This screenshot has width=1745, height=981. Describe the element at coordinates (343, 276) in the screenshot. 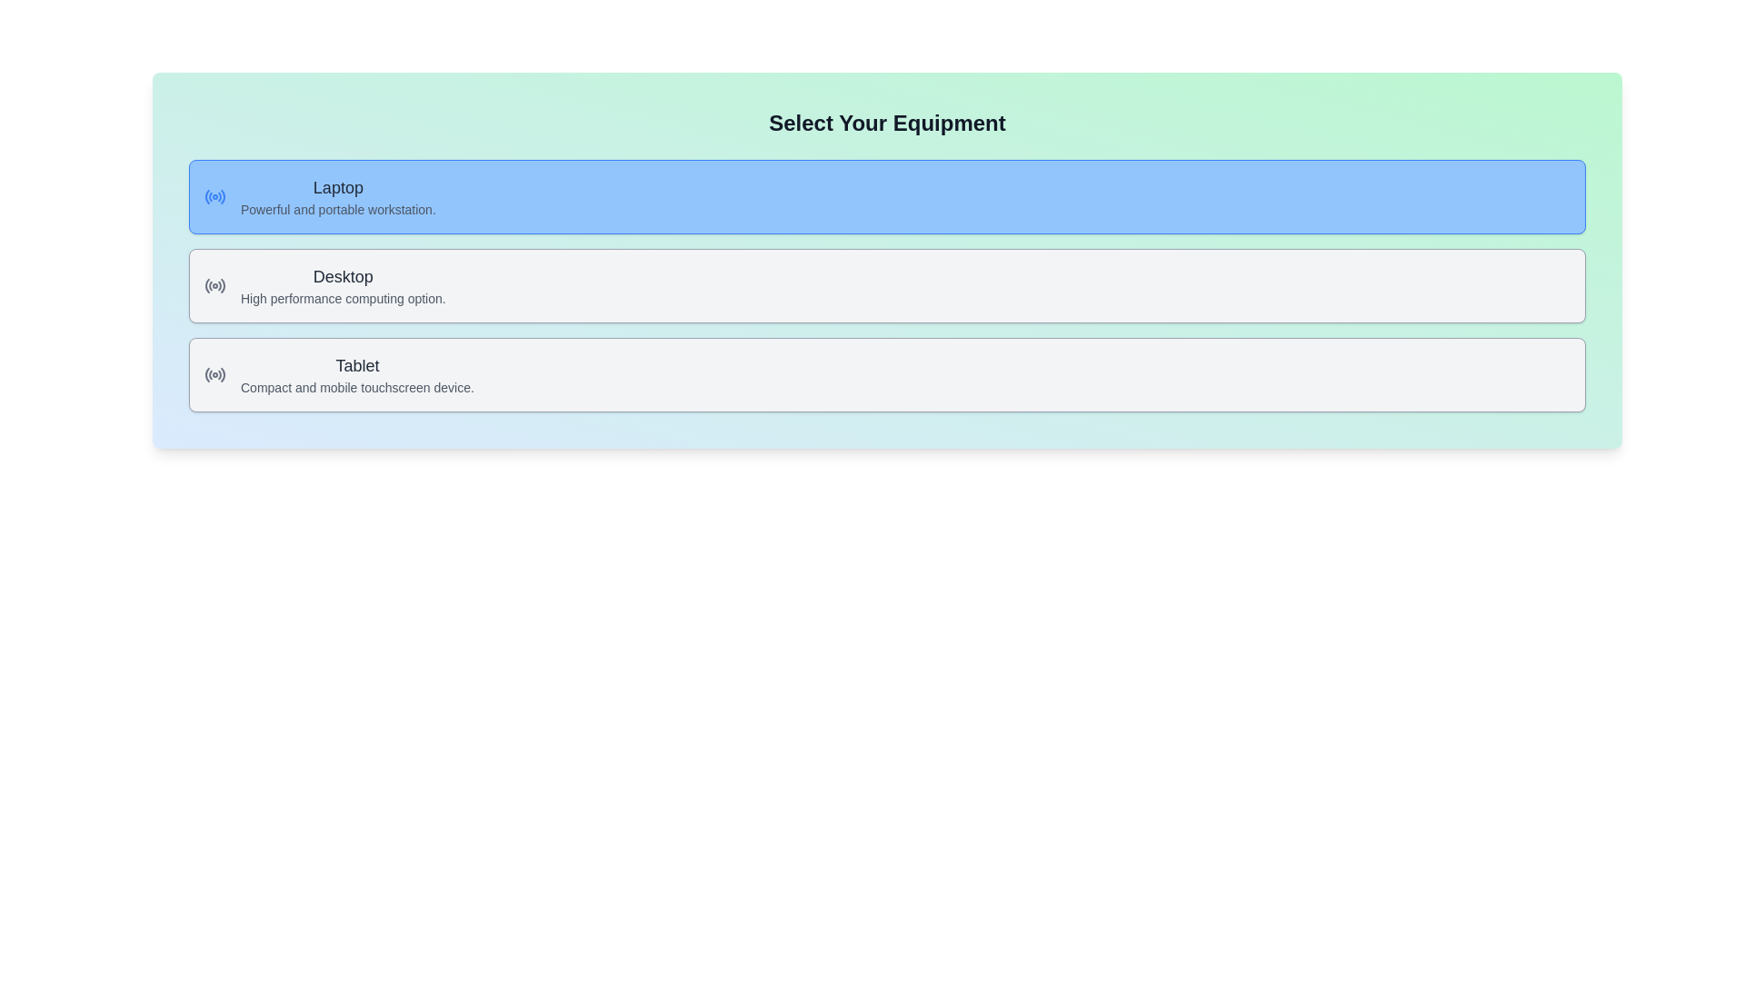

I see `label of the Text label that identifies the associated selection option located between 'Laptop' and 'Tablet' in the middle section of the selection list` at that location.